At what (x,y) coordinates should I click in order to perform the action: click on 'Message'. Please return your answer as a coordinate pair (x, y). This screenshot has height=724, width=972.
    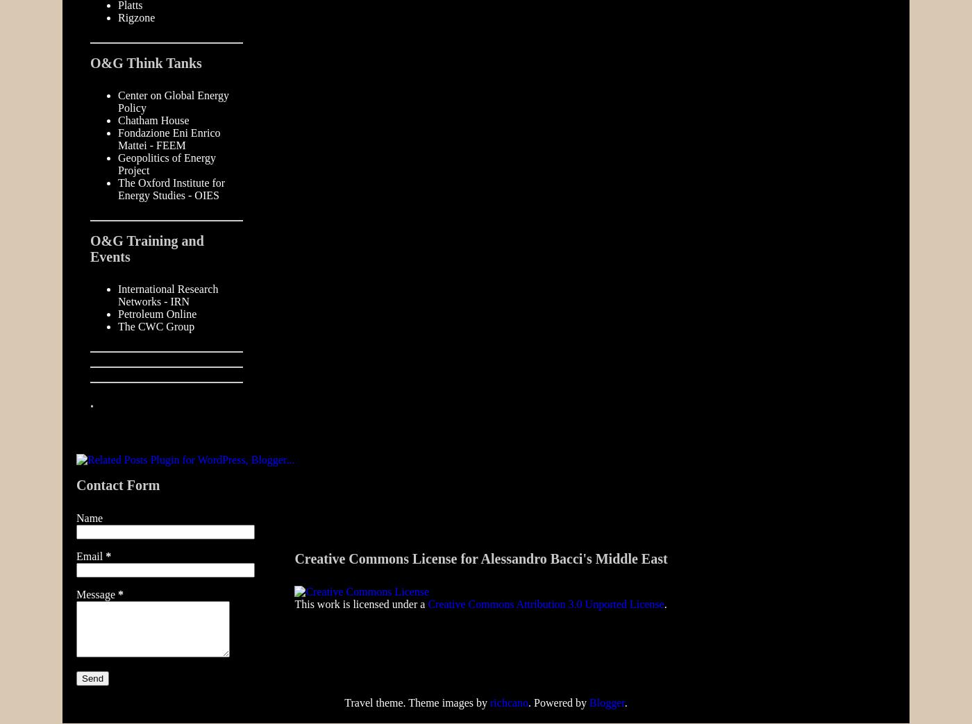
    Looking at the image, I should click on (97, 593).